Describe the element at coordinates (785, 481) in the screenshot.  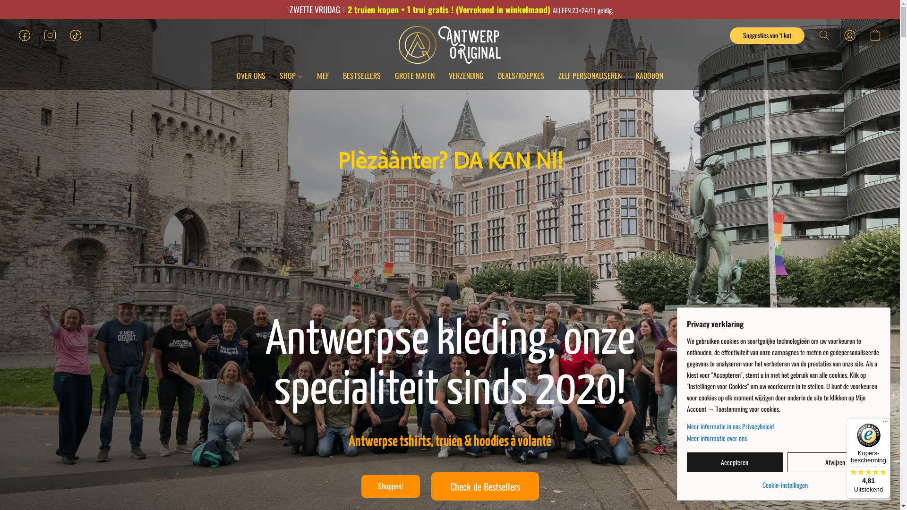
I see `'Cookie-instellingen'` at that location.